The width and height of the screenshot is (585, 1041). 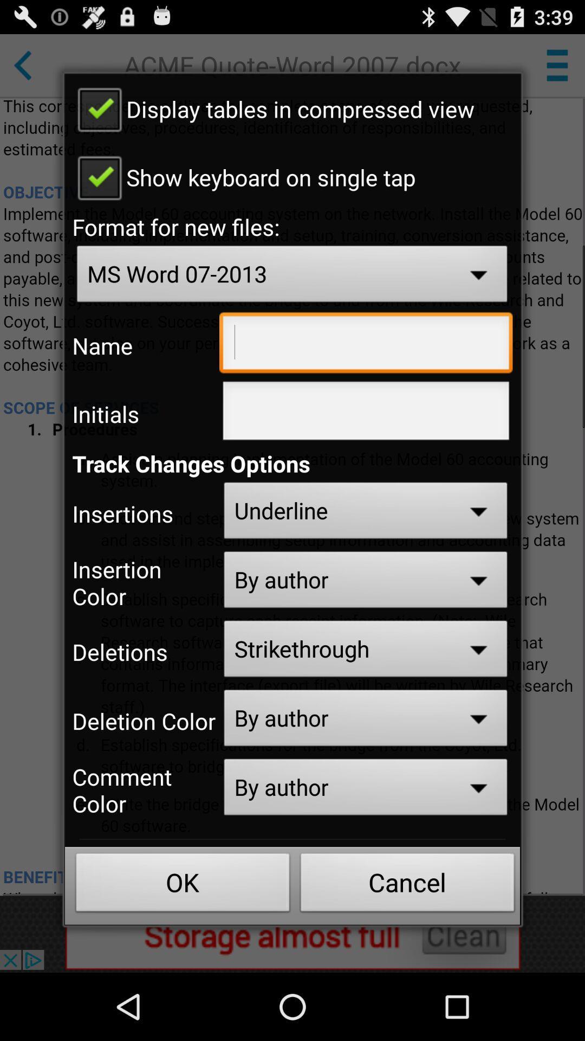 I want to click on input name, so click(x=366, y=345).